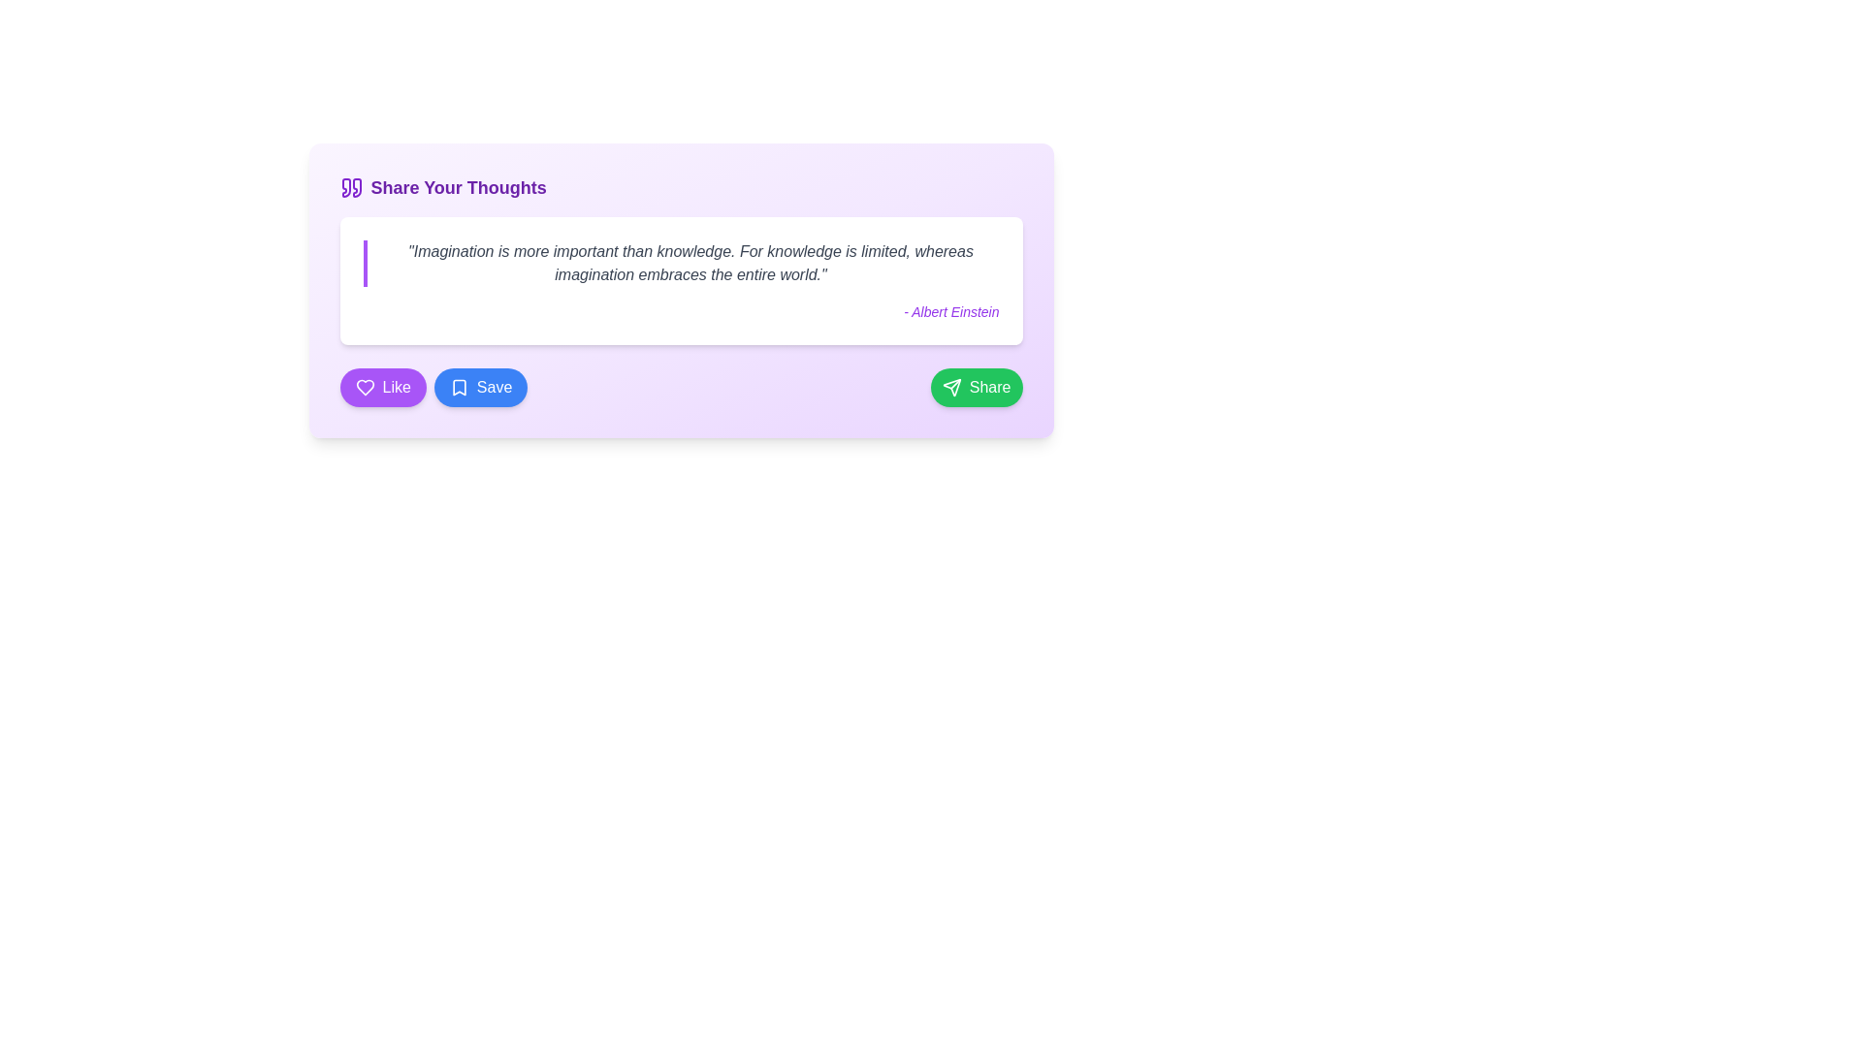  What do you see at coordinates (365, 388) in the screenshot?
I see `the heart-shaped icon with a purple fill and white outline within the 'Like' button` at bounding box center [365, 388].